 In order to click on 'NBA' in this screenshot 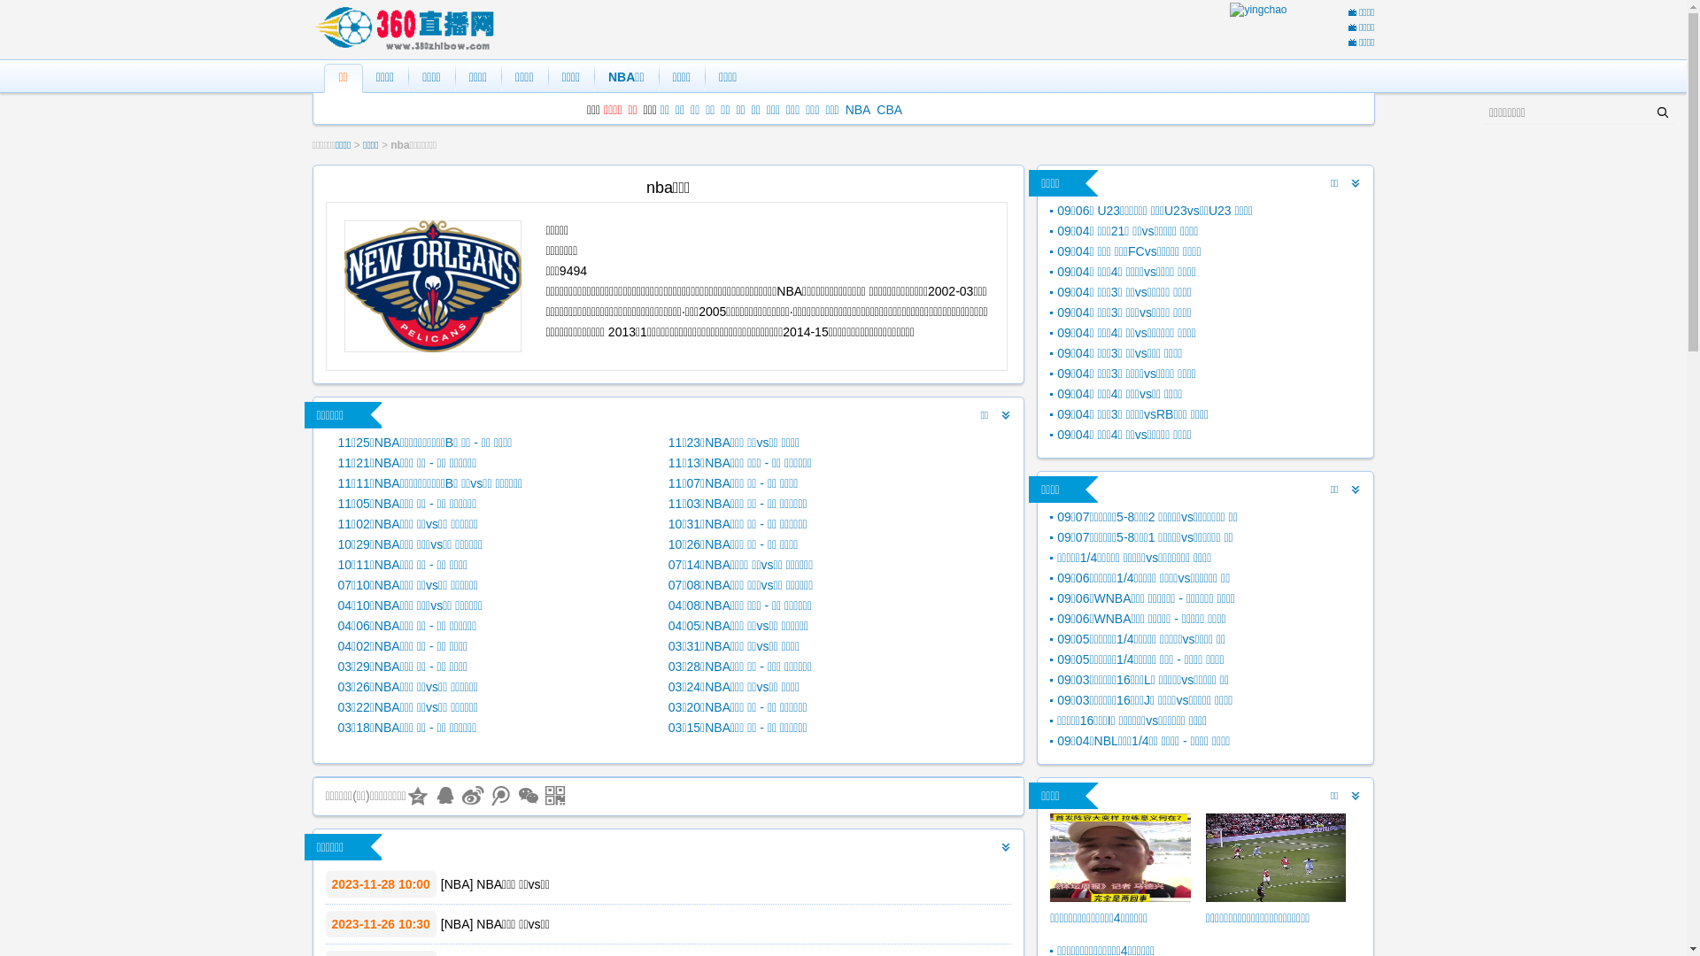, I will do `click(457, 923)`.